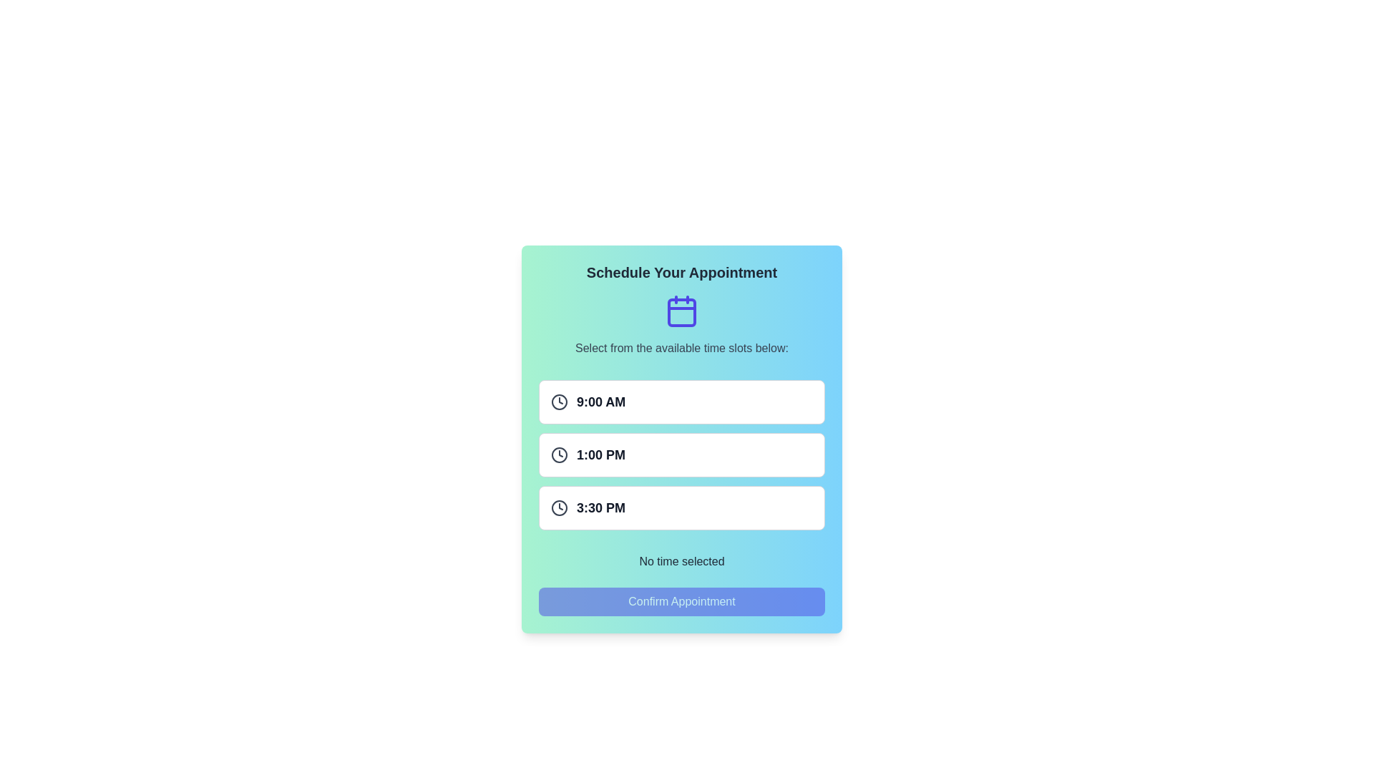  I want to click on the clock icon located on the left side of the first time slot box, adjacent to the text '9:00 AM', so click(559, 402).